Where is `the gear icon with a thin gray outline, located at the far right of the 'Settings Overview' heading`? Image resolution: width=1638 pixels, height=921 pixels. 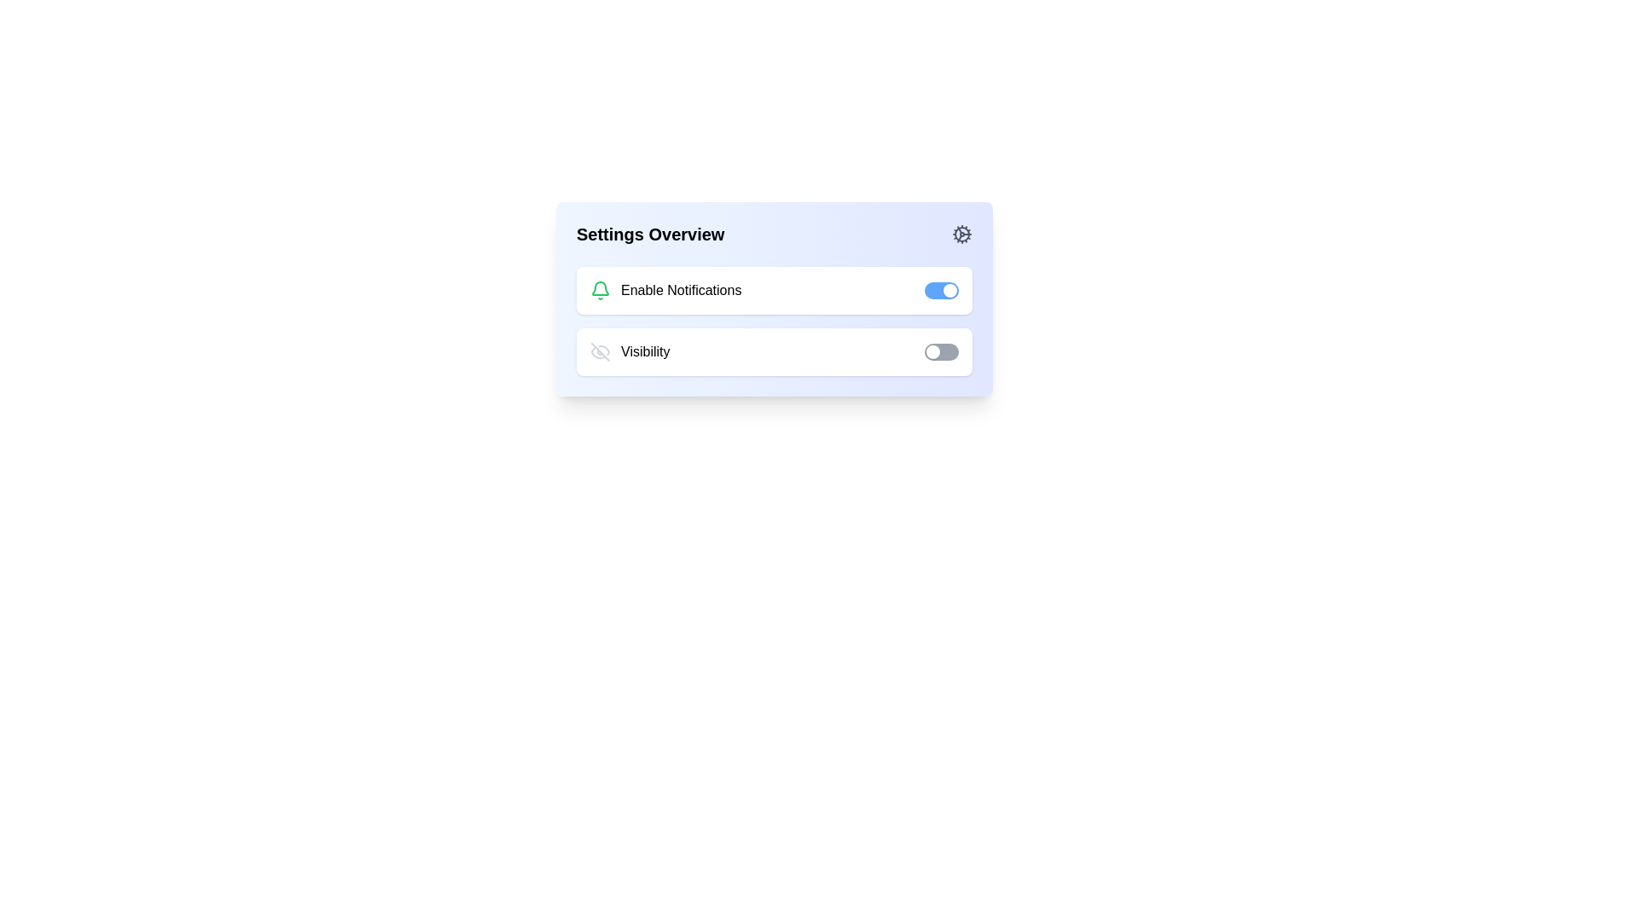 the gear icon with a thin gray outline, located at the far right of the 'Settings Overview' heading is located at coordinates (962, 234).